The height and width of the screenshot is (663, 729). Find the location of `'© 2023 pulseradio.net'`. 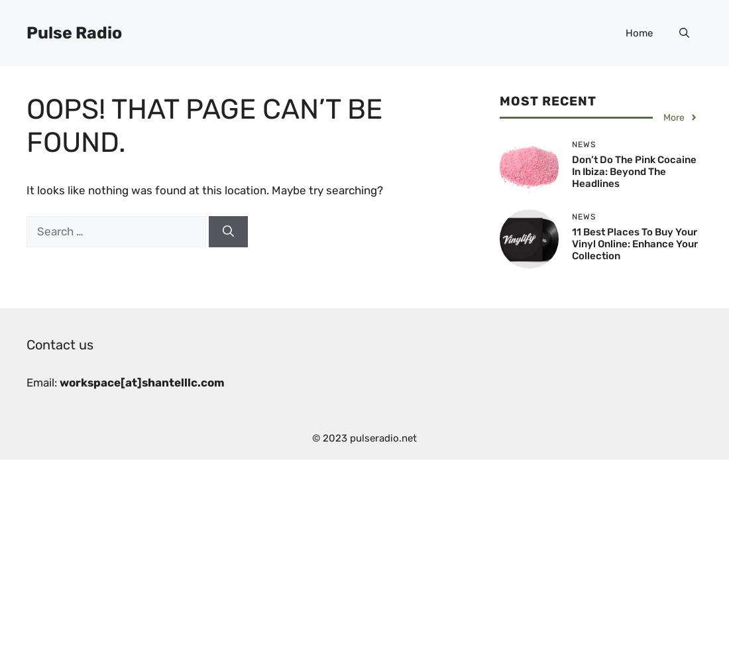

'© 2023 pulseradio.net' is located at coordinates (364, 438).